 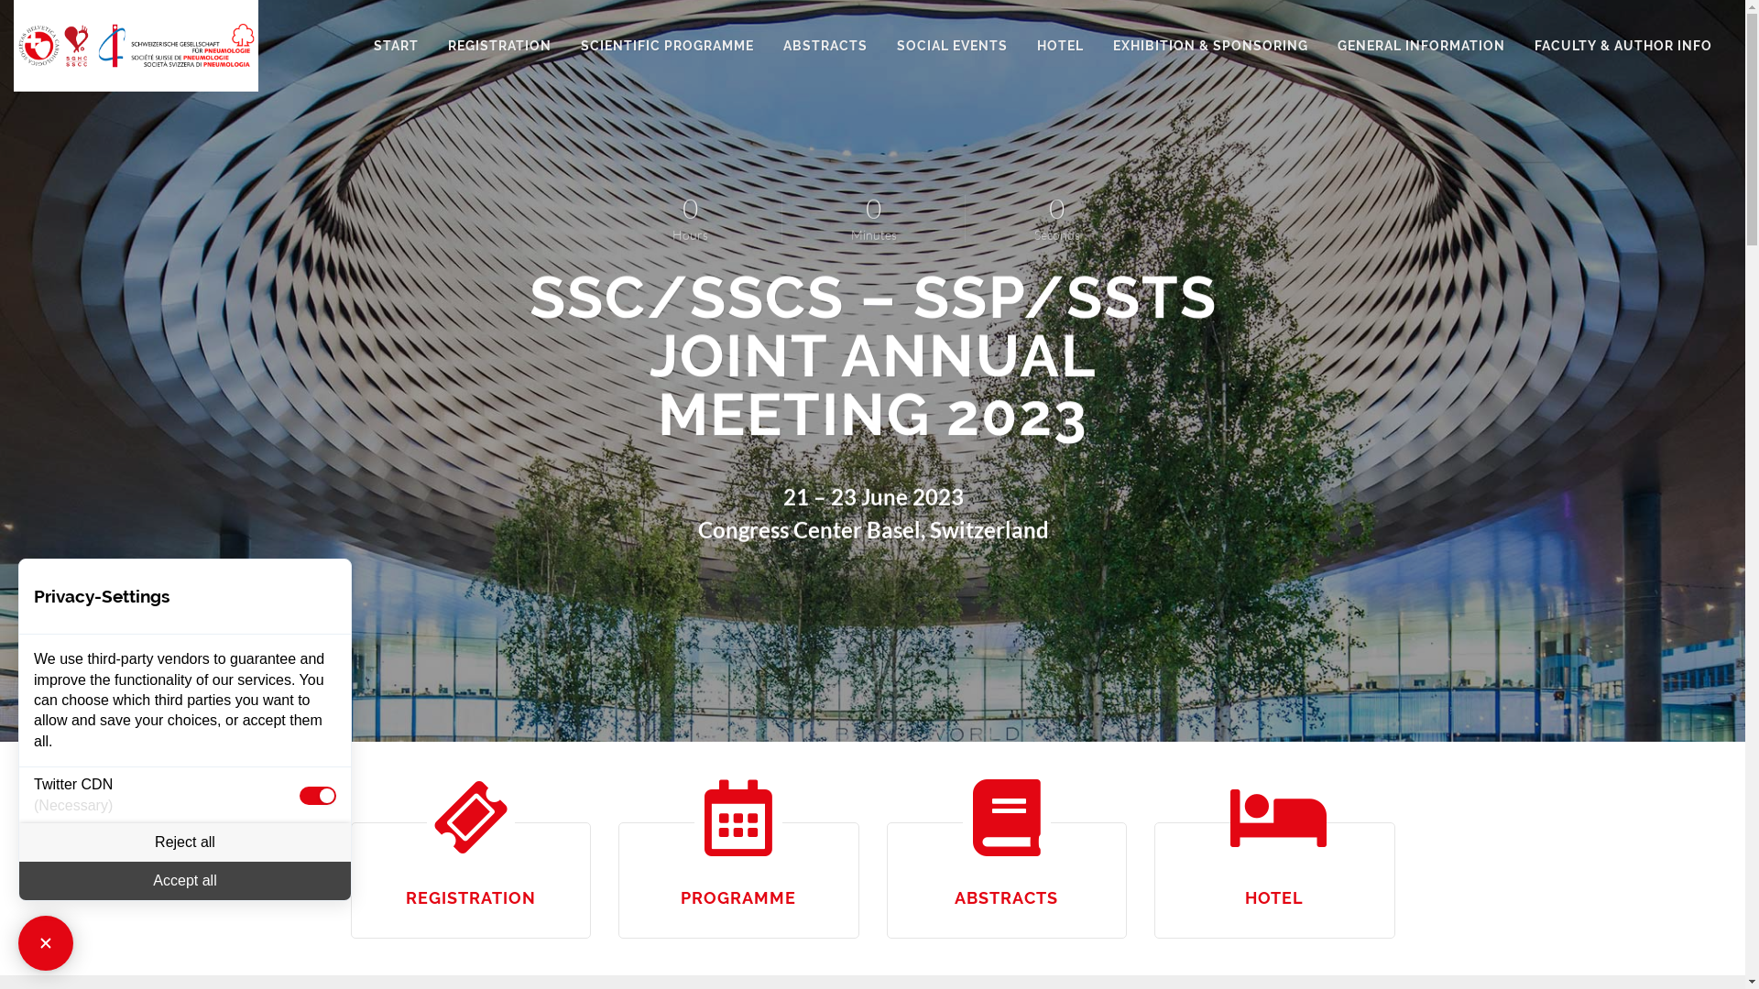 What do you see at coordinates (1244, 897) in the screenshot?
I see `'HOTEL'` at bounding box center [1244, 897].